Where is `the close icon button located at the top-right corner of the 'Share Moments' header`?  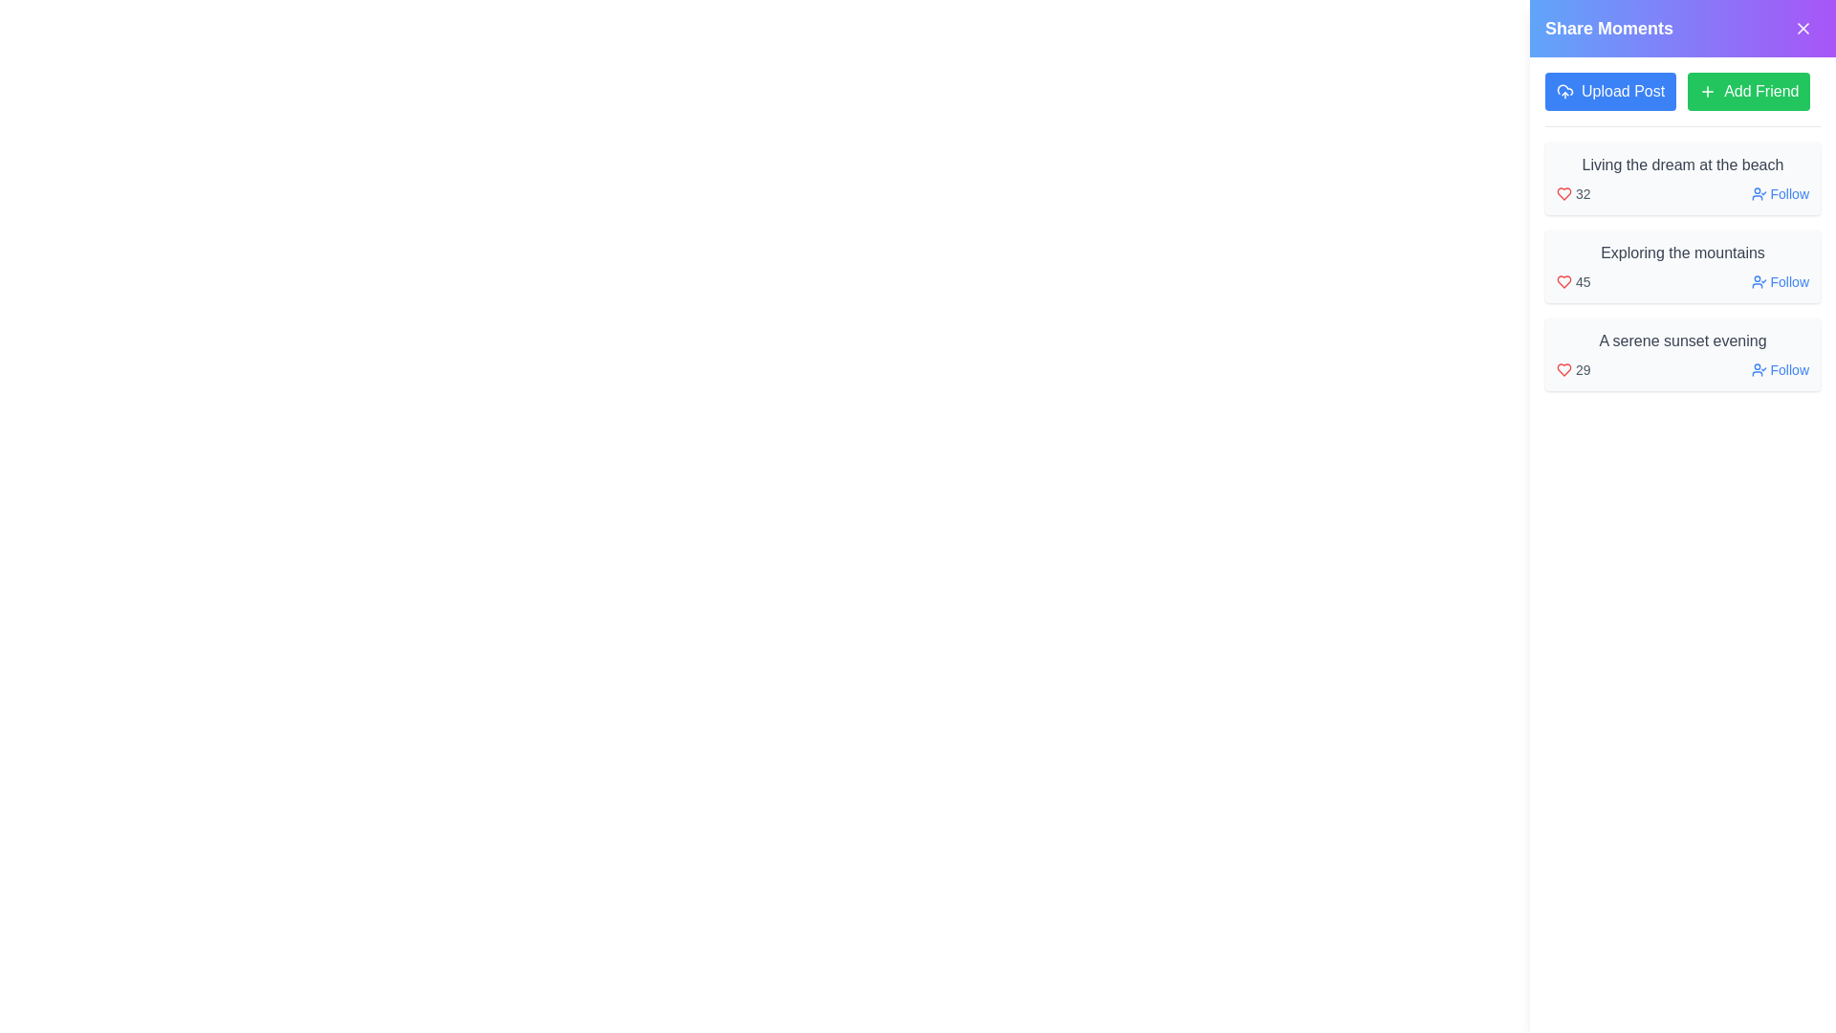 the close icon button located at the top-right corner of the 'Share Moments' header is located at coordinates (1803, 29).